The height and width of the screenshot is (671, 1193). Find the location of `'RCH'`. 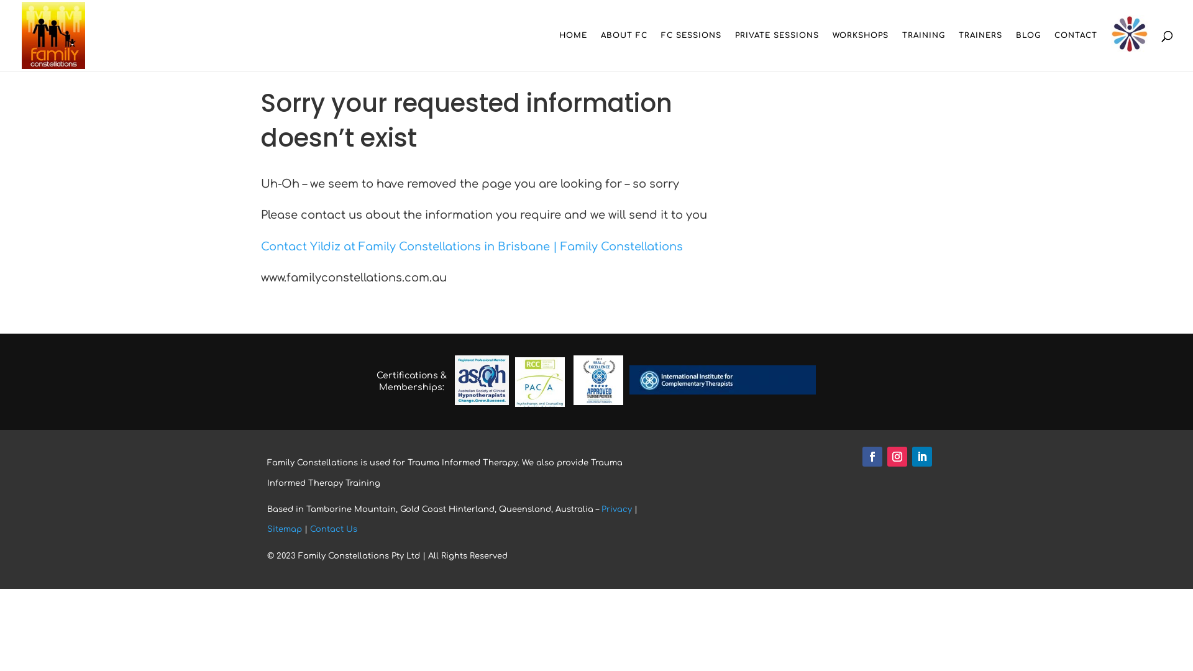

'RCH' is located at coordinates (1130, 34).